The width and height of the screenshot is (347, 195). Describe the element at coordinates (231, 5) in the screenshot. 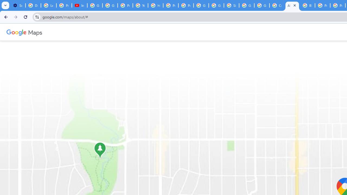

I see `'Sign in - Google Accounts'` at that location.